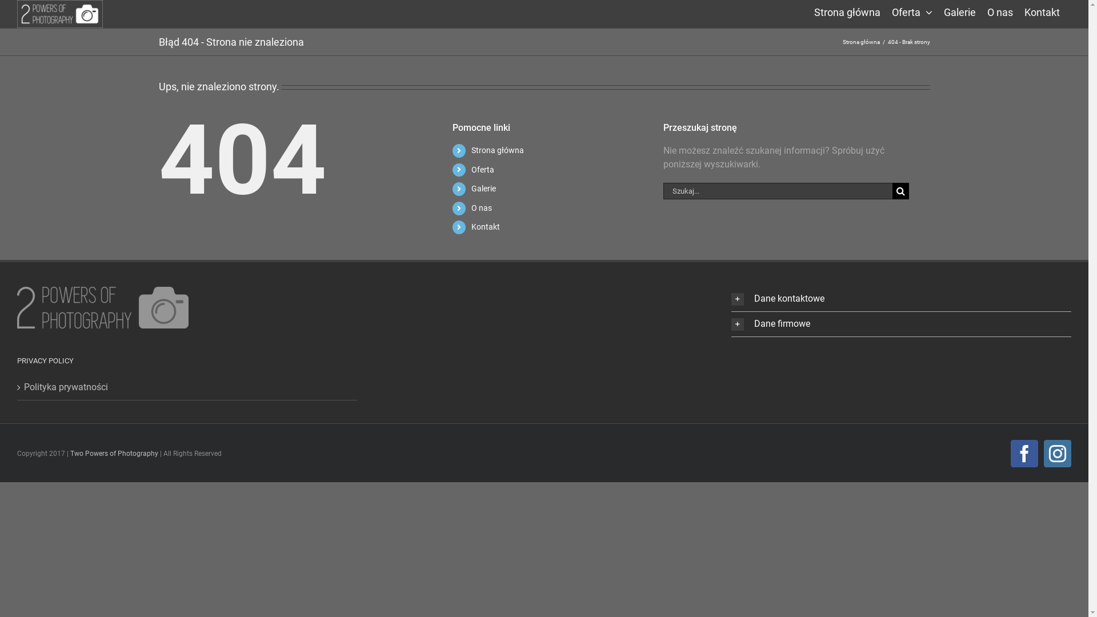 The image size is (1097, 617). I want to click on 'Two Powers of Photography', so click(70, 453).